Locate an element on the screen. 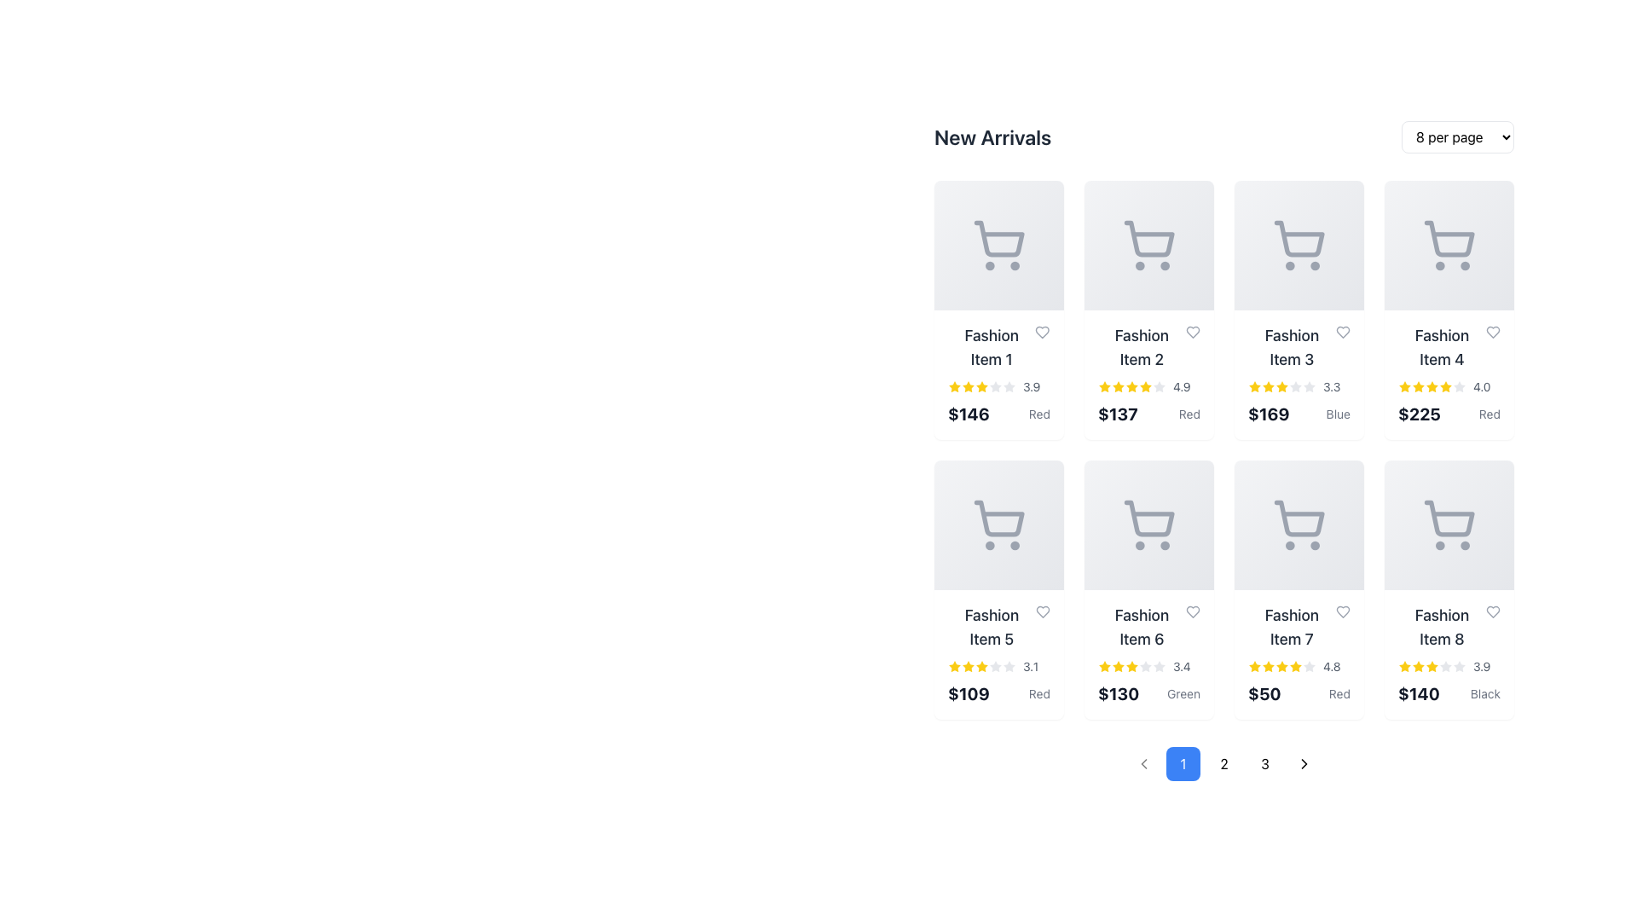  the text label displaying the rating '3.4', which is aligned with a series of five stars in the product card for 'Fashion Item 6' is located at coordinates (1181, 666).